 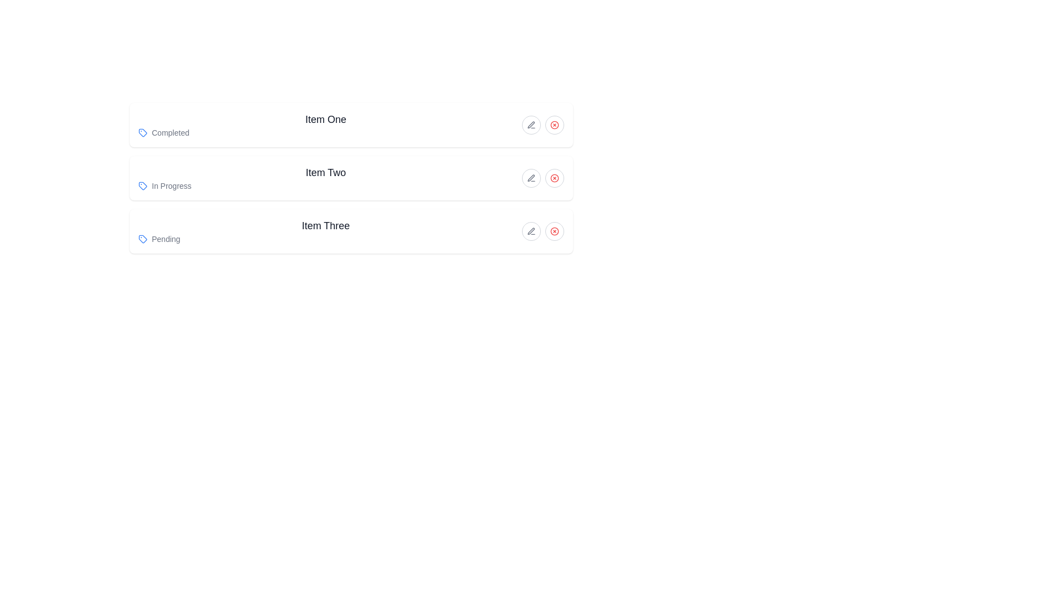 I want to click on the delete button associated with 'Item Two', so click(x=555, y=177).